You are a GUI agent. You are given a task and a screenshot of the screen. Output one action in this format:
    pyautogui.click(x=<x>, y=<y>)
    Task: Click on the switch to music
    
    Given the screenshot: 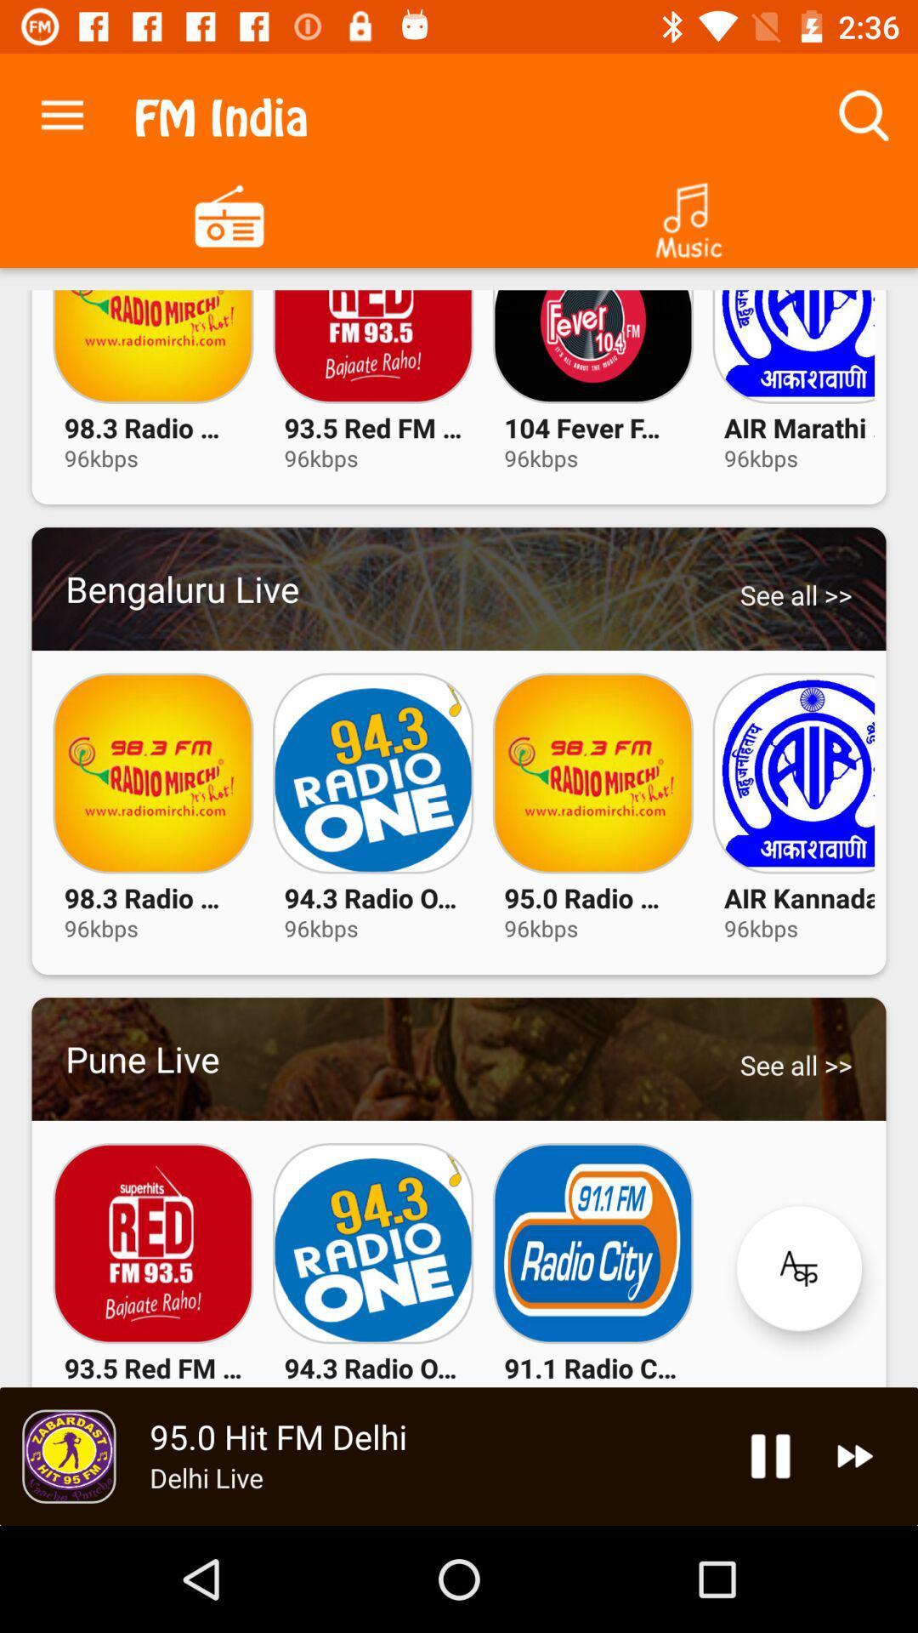 What is the action you would take?
    pyautogui.click(x=688, y=213)
    